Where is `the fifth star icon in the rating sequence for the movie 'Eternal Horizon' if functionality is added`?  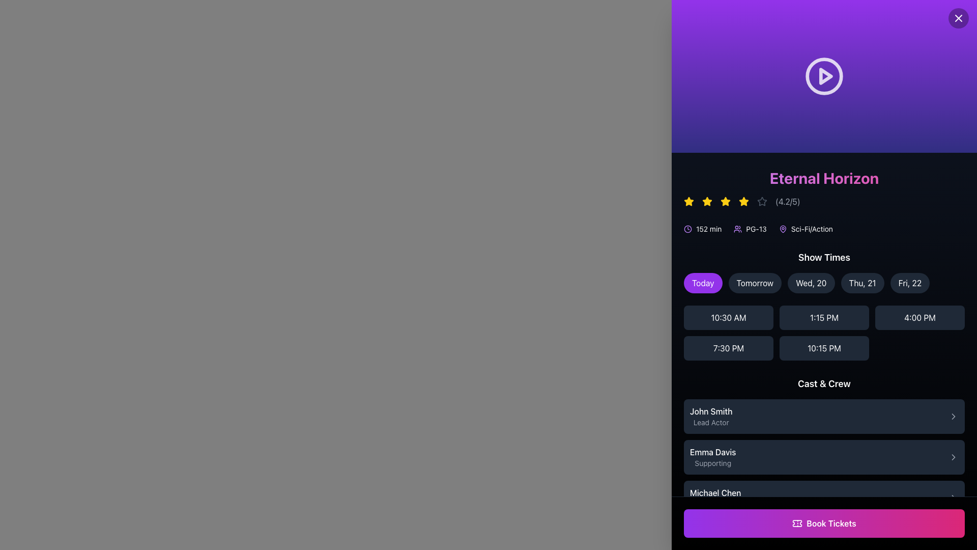 the fifth star icon in the rating sequence for the movie 'Eternal Horizon' if functionality is added is located at coordinates (744, 202).